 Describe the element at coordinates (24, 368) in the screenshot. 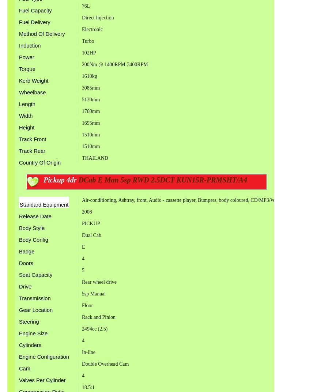

I see `'Cam'` at that location.